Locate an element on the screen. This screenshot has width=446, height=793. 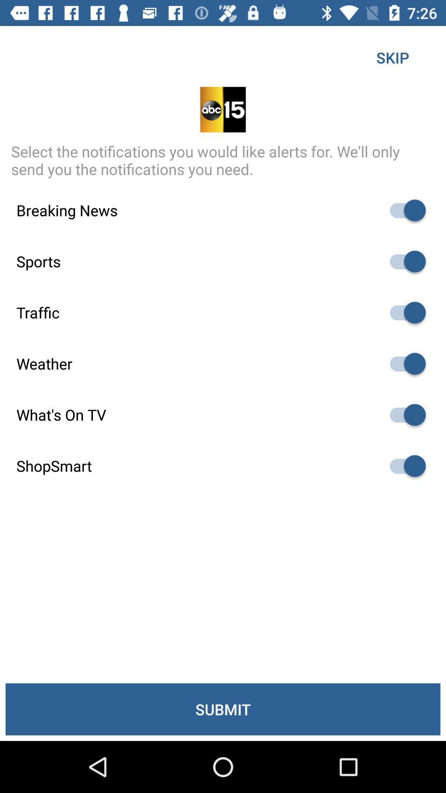
the item above select the notifications icon is located at coordinates (392, 57).